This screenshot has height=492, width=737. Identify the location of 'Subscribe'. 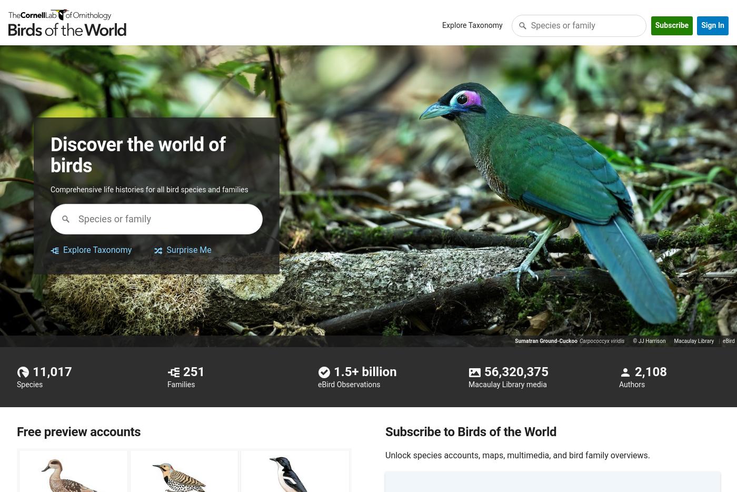
(671, 25).